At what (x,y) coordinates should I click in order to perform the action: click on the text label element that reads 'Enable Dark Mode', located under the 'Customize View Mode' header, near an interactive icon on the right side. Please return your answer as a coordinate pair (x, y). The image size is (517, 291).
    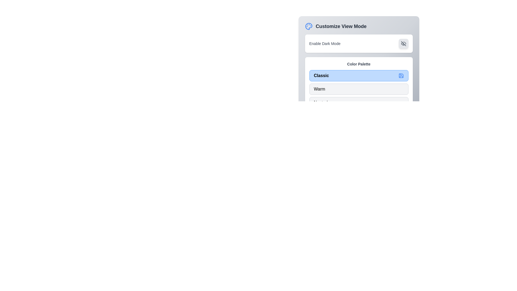
    Looking at the image, I should click on (324, 43).